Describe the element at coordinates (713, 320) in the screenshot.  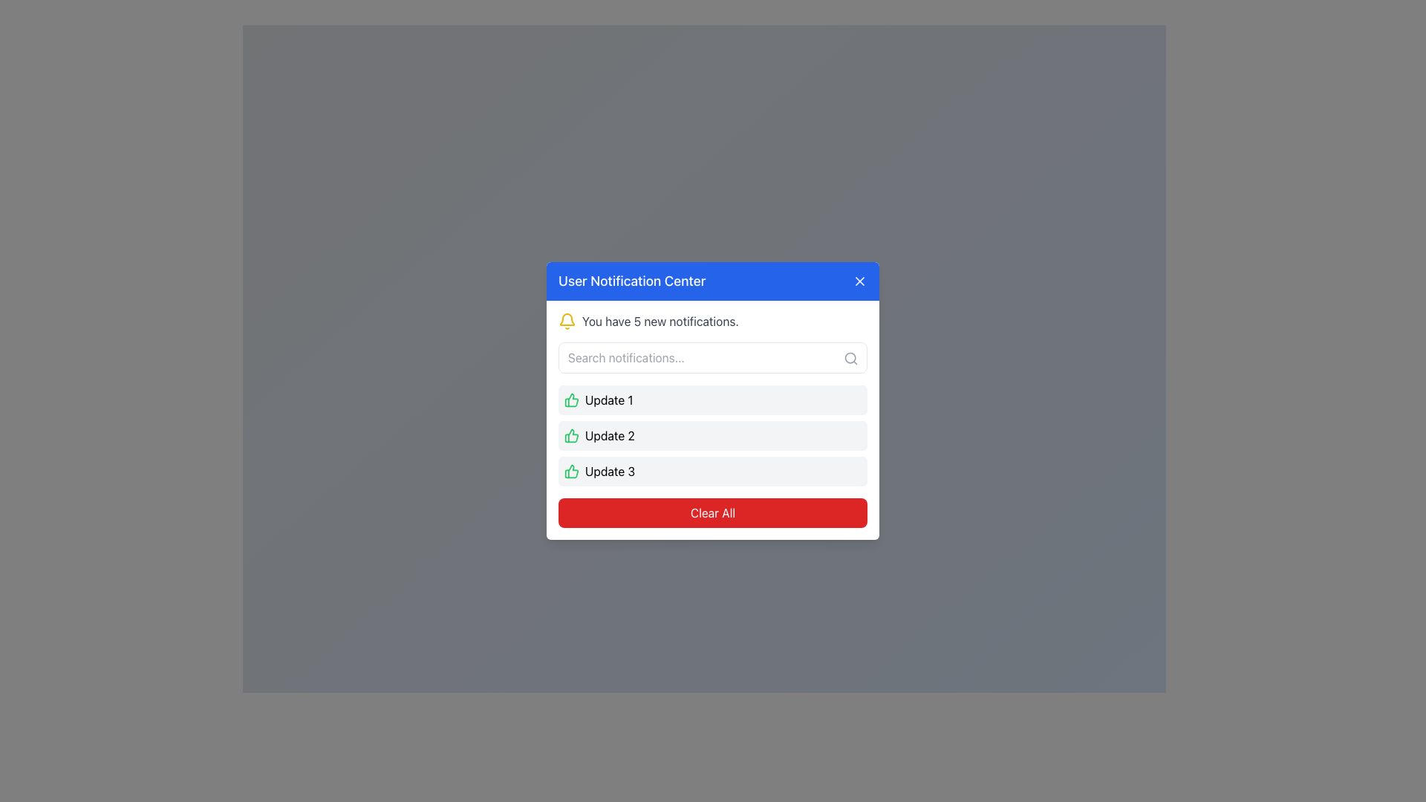
I see `notification information displayed in the text element located in the notification panel, just below 'User Notification Center' and above the search bar` at that location.